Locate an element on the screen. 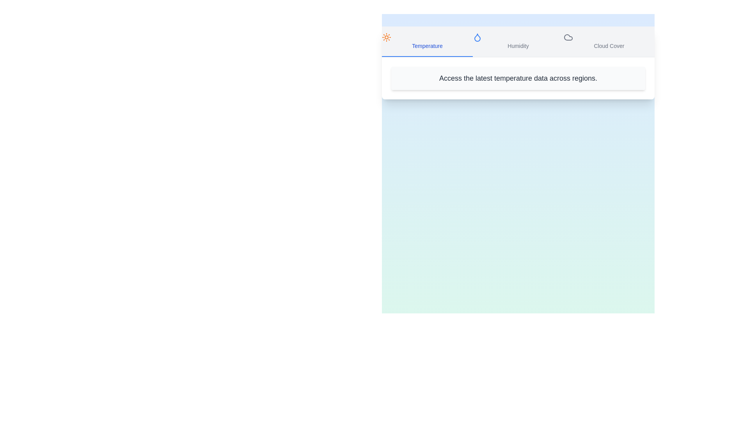 The height and width of the screenshot is (421, 749). the tab labeled Temperature is located at coordinates (427, 42).